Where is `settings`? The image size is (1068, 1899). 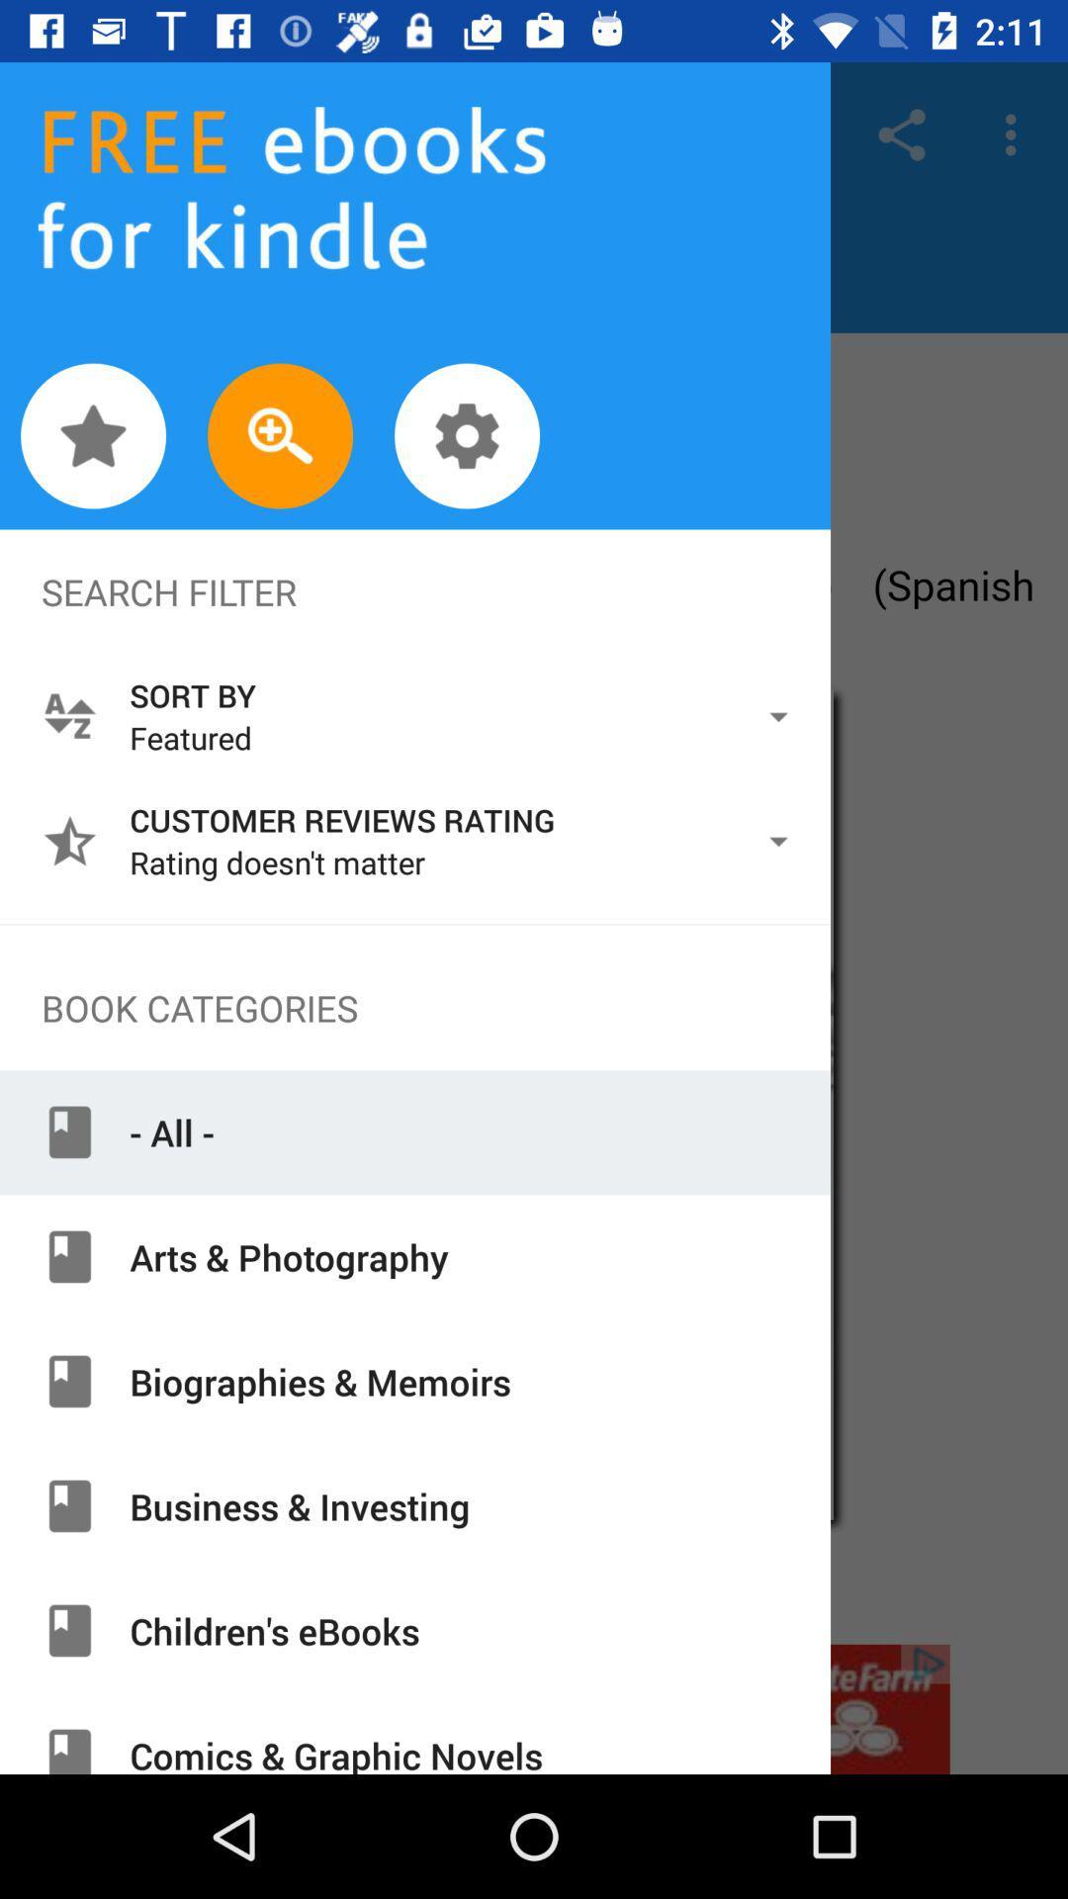 settings is located at coordinates (467, 435).